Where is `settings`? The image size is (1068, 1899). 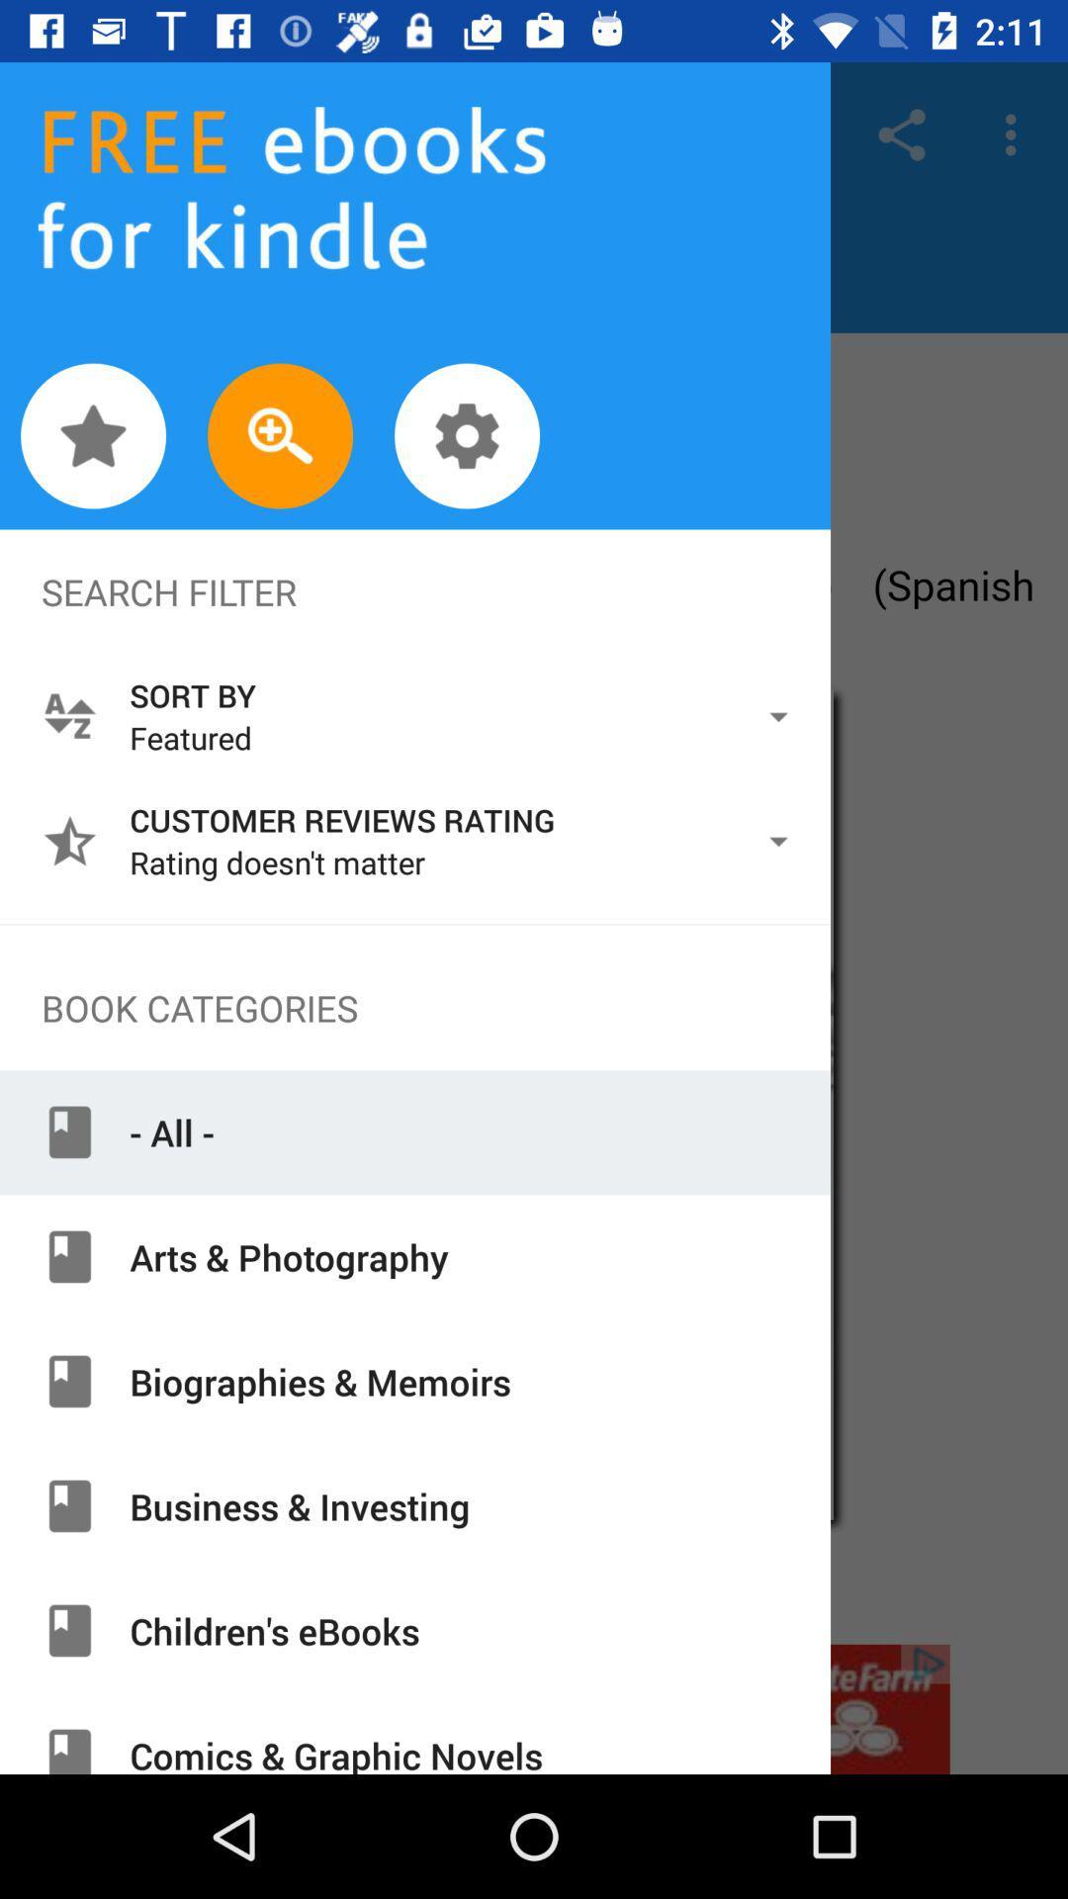 settings is located at coordinates (467, 435).